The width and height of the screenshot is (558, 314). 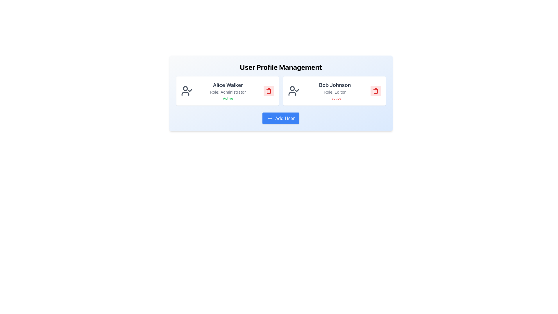 What do you see at coordinates (185, 88) in the screenshot?
I see `the circular user profile icon representing 'Alice Walker, Role: Administrator' located within the left card under 'User Profile Management'` at bounding box center [185, 88].